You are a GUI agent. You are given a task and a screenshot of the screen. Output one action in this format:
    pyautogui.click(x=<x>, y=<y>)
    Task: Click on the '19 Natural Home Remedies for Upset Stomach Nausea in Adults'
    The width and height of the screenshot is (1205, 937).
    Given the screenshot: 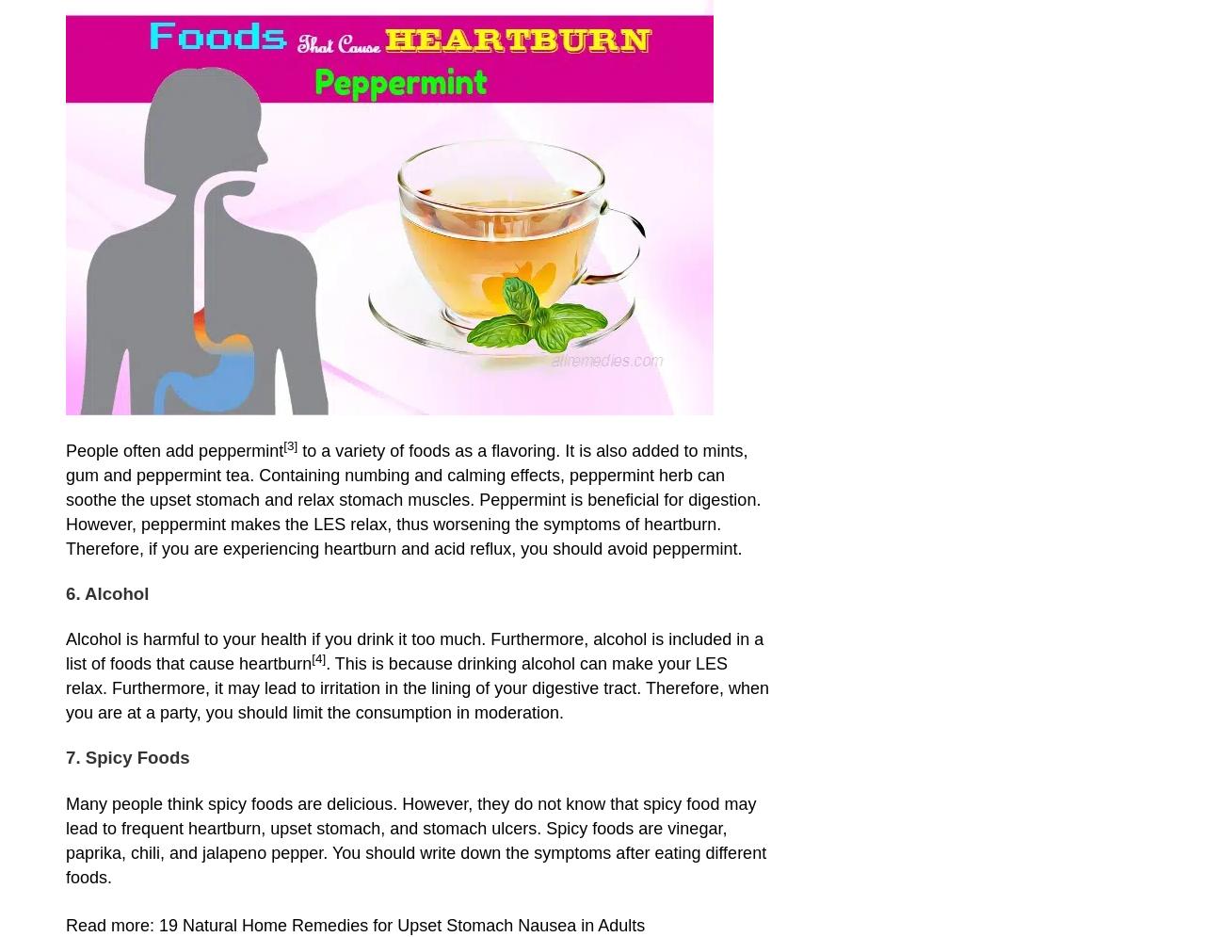 What is the action you would take?
    pyautogui.click(x=401, y=923)
    